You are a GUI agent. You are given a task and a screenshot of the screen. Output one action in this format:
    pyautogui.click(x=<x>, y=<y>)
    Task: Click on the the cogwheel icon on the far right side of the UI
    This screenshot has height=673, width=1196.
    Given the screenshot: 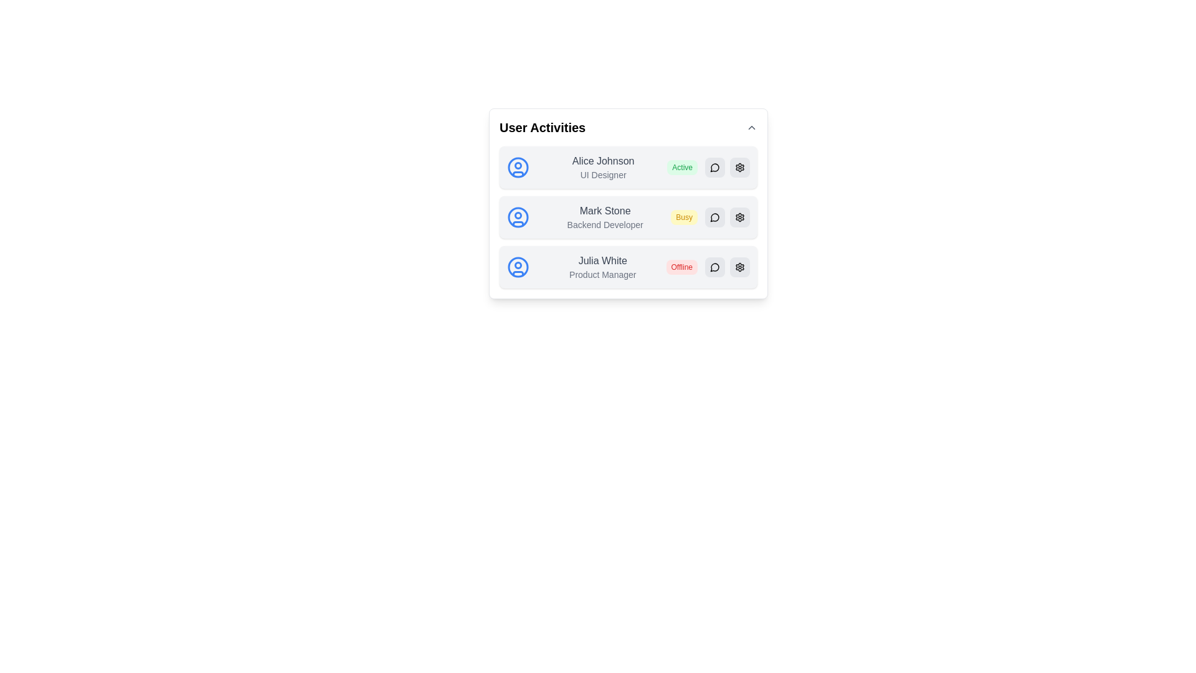 What is the action you would take?
    pyautogui.click(x=740, y=216)
    